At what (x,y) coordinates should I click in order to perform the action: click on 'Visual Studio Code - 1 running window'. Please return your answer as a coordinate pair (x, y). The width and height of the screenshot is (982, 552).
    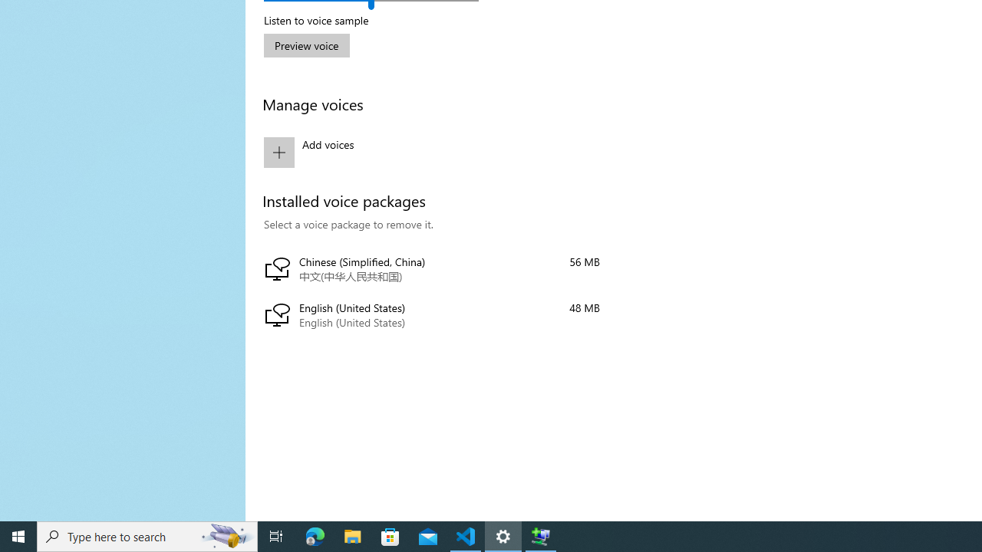
    Looking at the image, I should click on (465, 535).